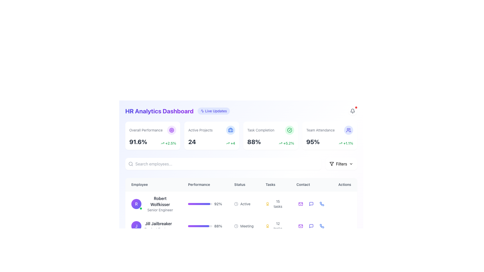  What do you see at coordinates (205, 185) in the screenshot?
I see `the 'Performance' text label, which is the second column header in a row of headers above the employee data table` at bounding box center [205, 185].